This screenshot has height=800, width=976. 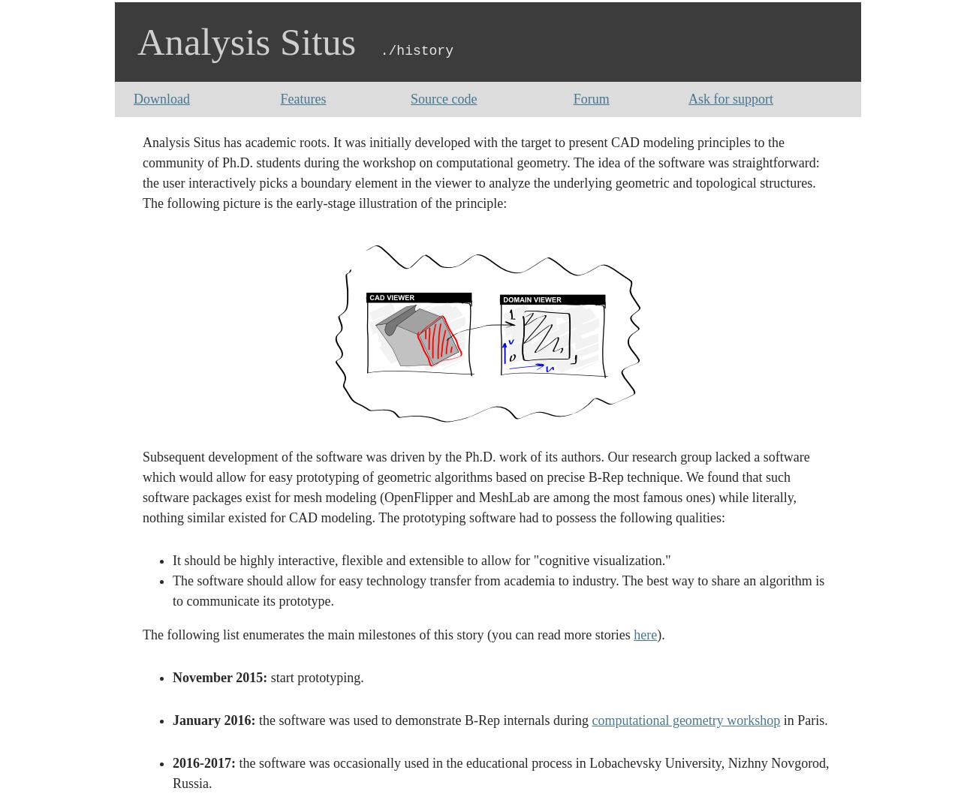 What do you see at coordinates (315, 678) in the screenshot?
I see `'start prototyping.'` at bounding box center [315, 678].